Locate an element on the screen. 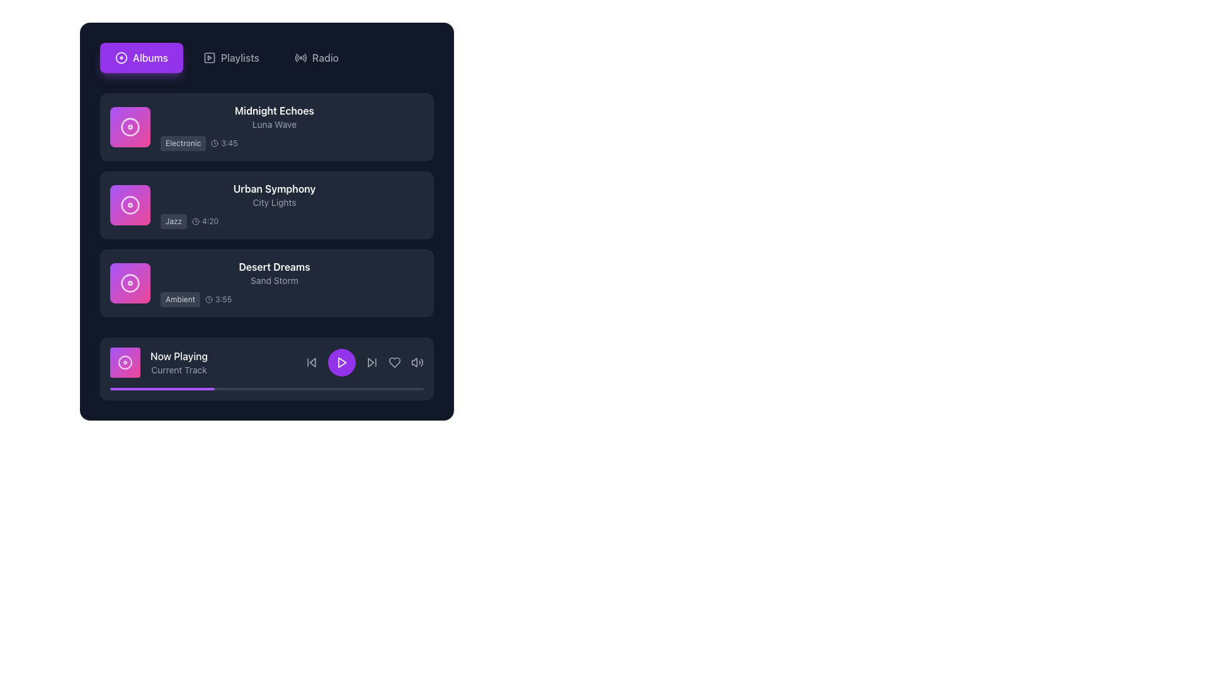 Image resolution: width=1209 pixels, height=680 pixels. the triangular-shaped play icon with a purple background located is located at coordinates (341, 362).